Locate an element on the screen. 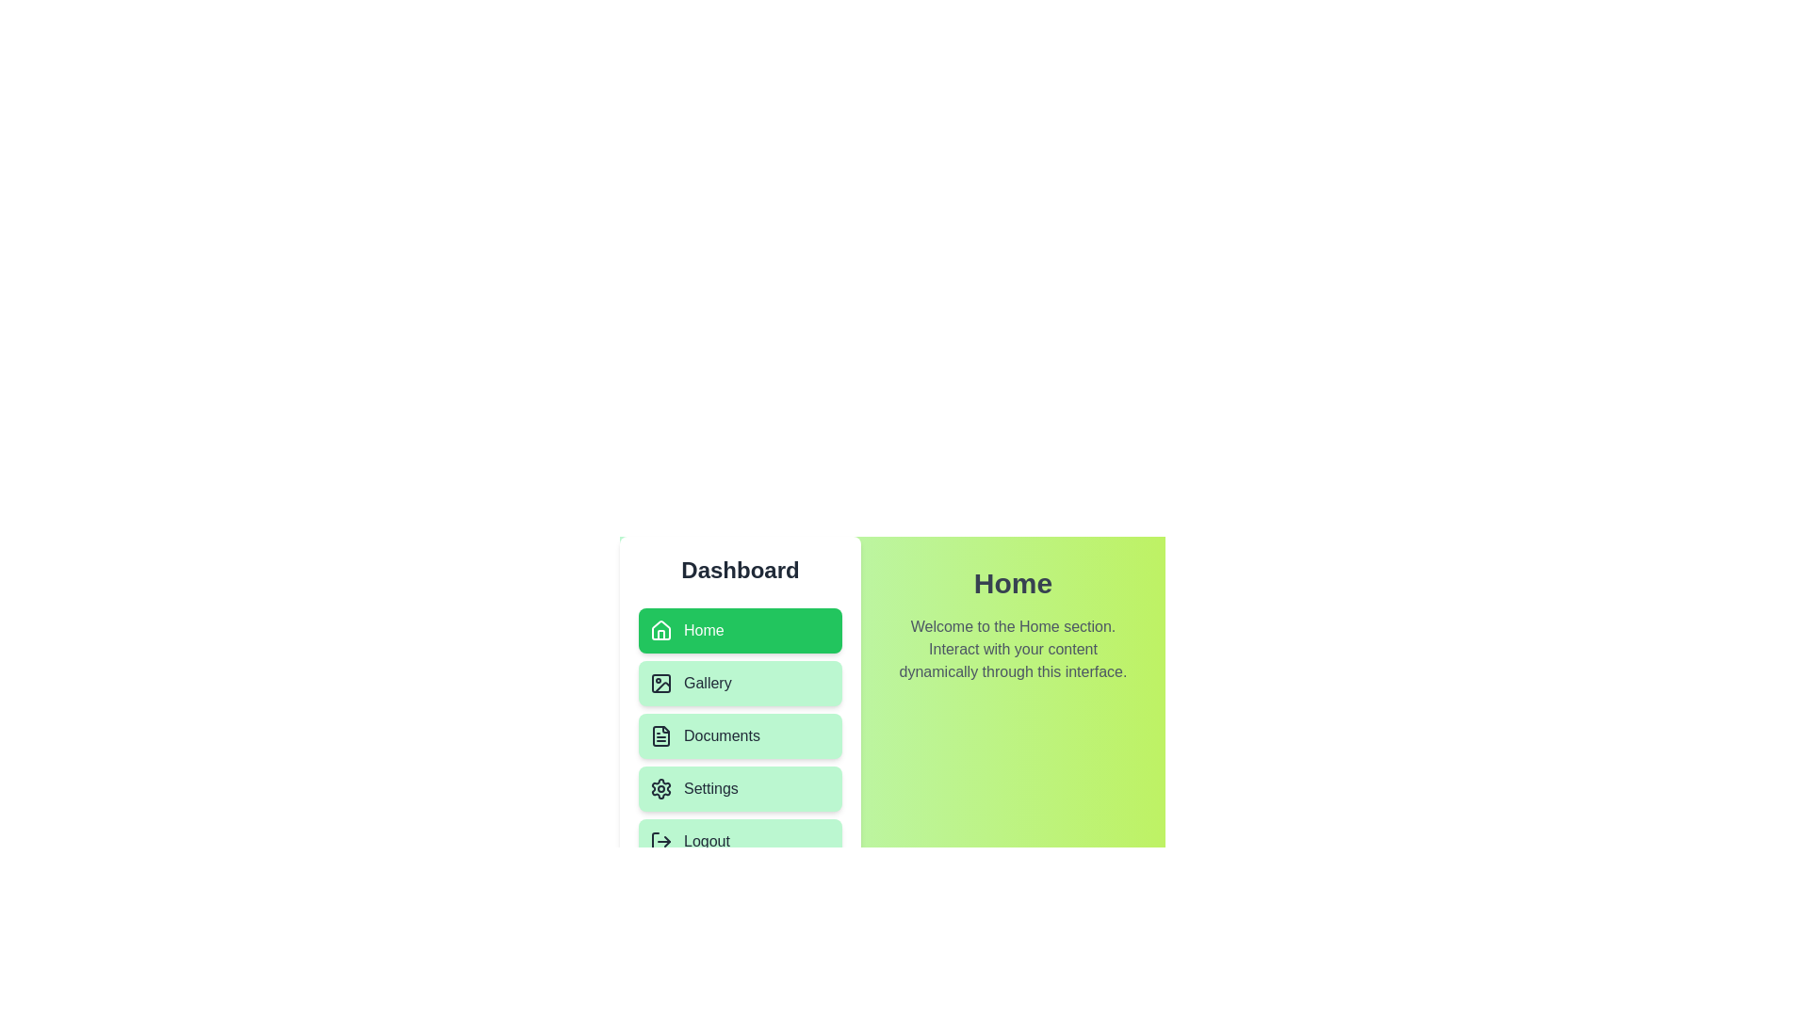 This screenshot has height=1017, width=1809. the menu item Logout to navigate to its corresponding section is located at coordinates (740, 841).